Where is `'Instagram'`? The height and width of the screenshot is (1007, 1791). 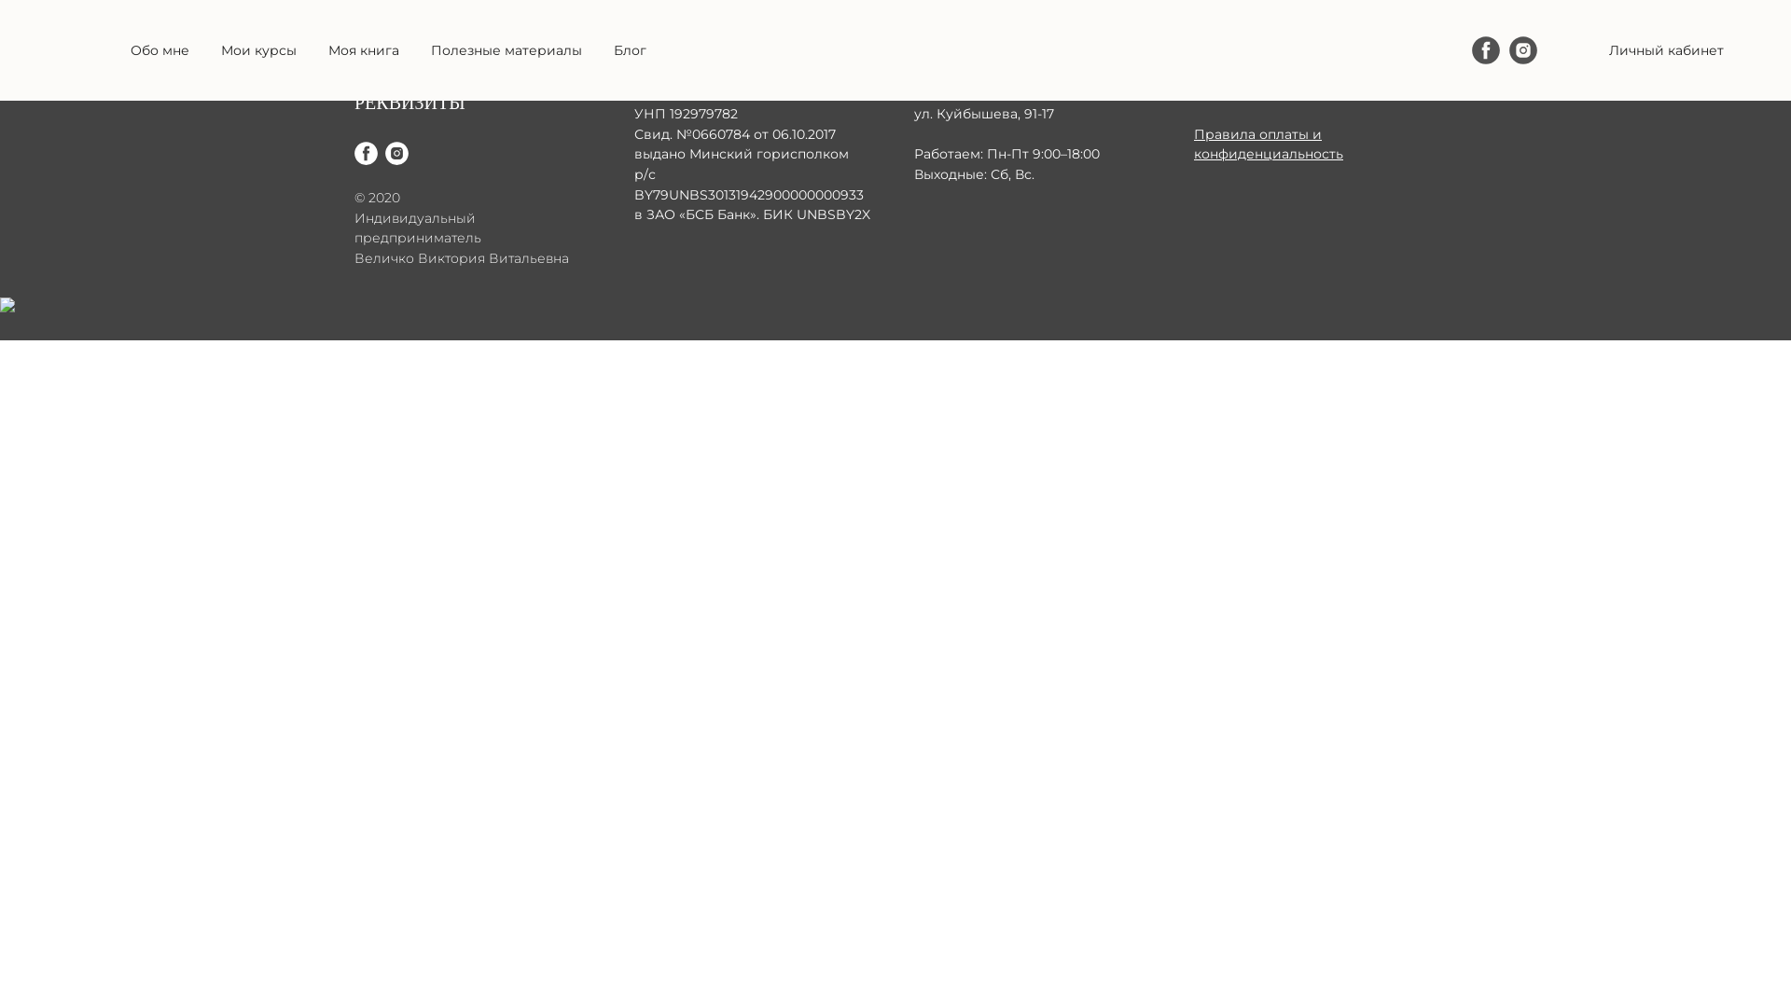 'Instagram' is located at coordinates (396, 159).